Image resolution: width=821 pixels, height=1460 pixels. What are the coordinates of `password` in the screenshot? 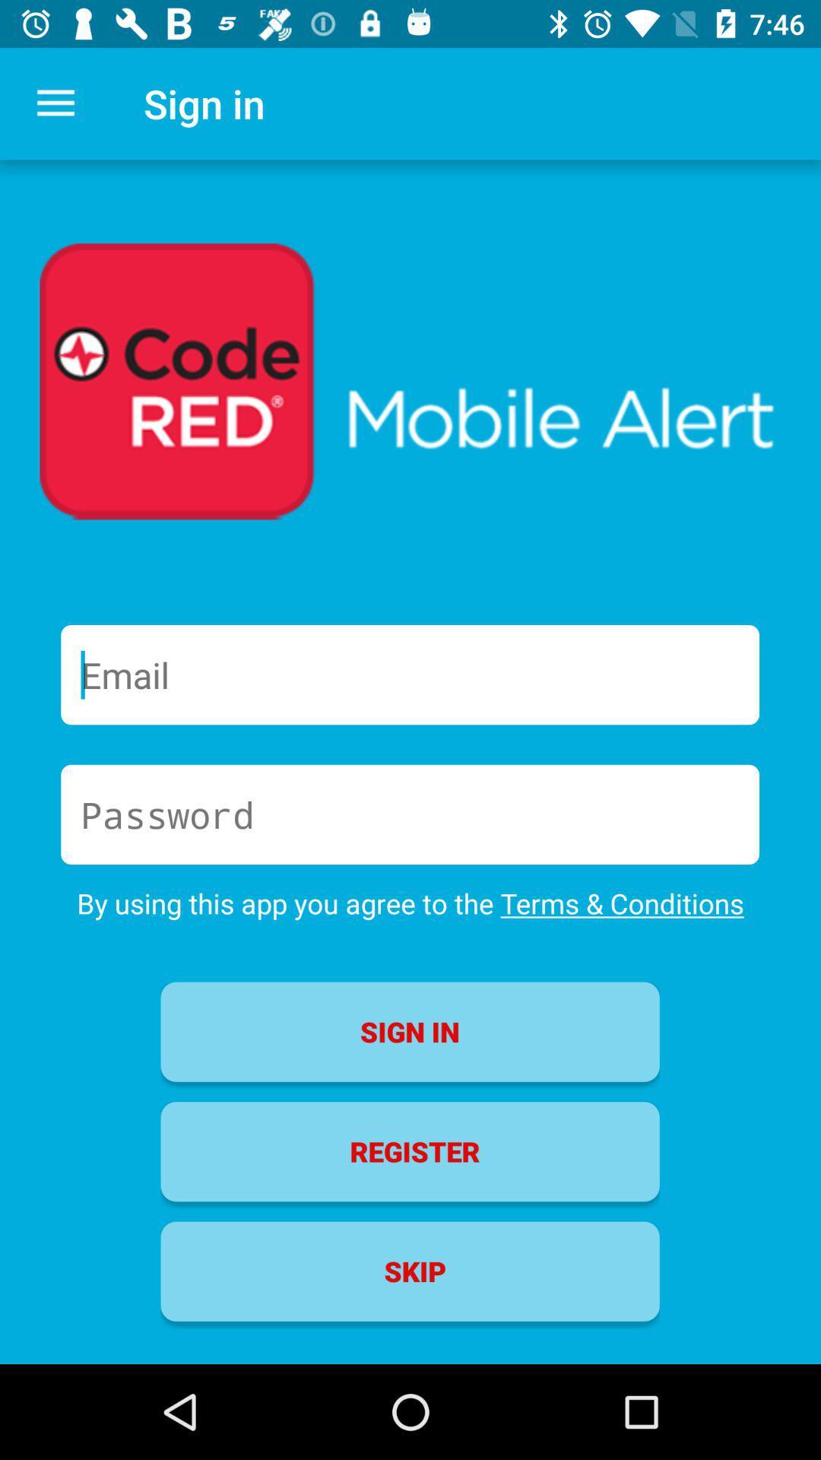 It's located at (409, 814).